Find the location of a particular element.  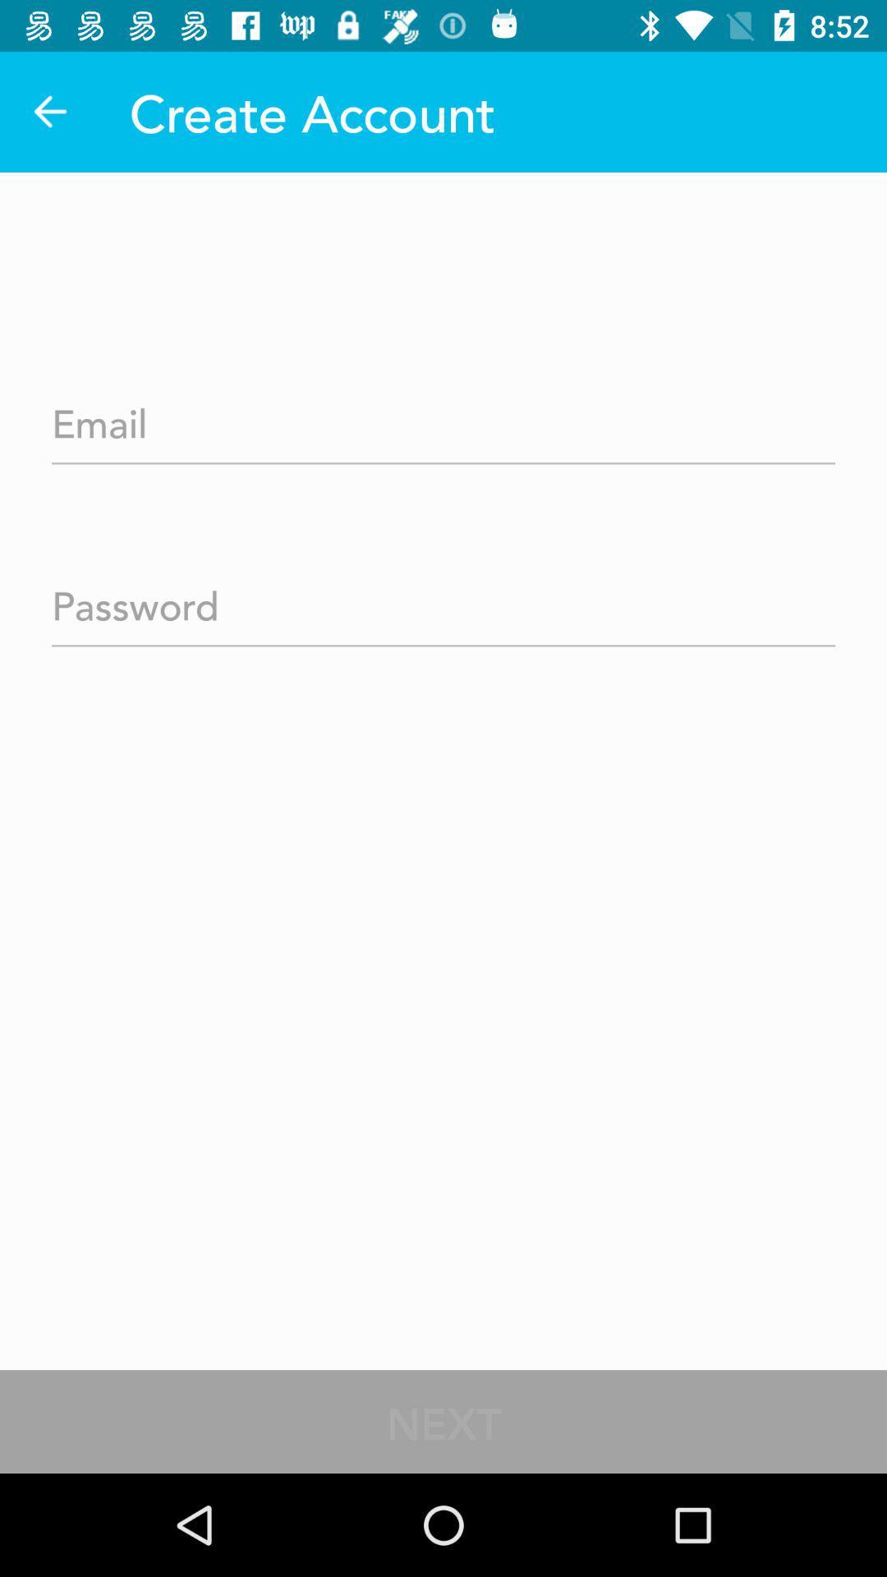

your email is located at coordinates (443, 418).